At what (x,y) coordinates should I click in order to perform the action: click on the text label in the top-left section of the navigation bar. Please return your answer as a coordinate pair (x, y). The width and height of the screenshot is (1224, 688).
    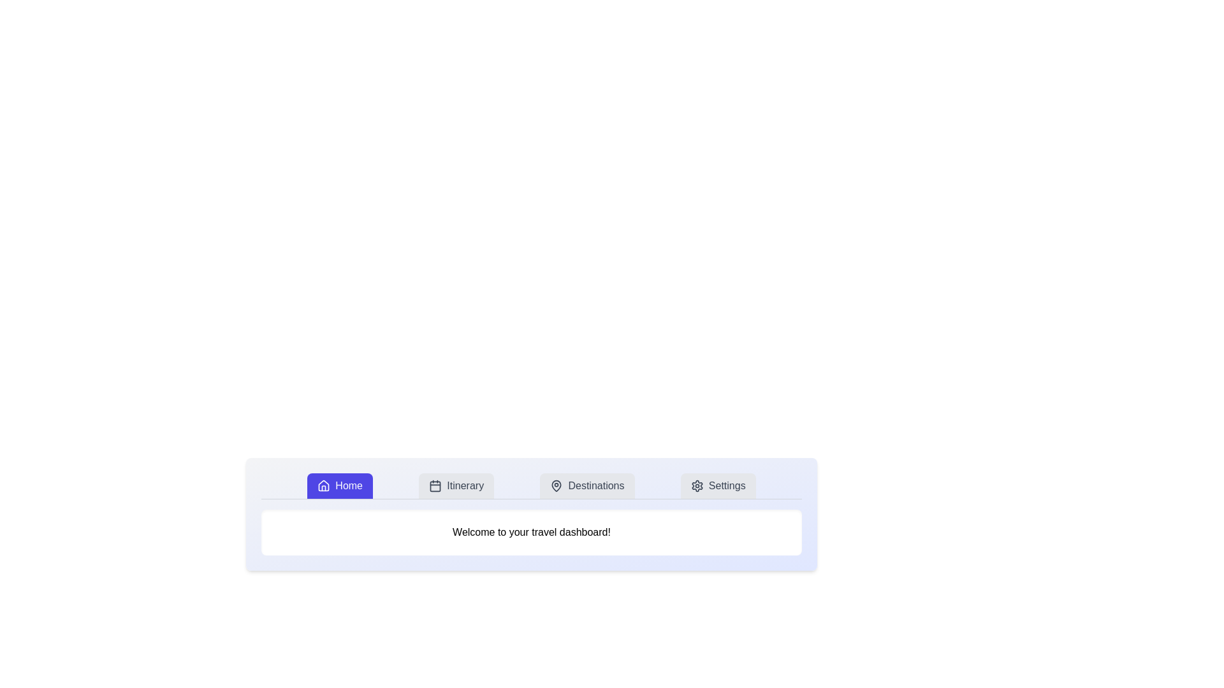
    Looking at the image, I should click on (349, 486).